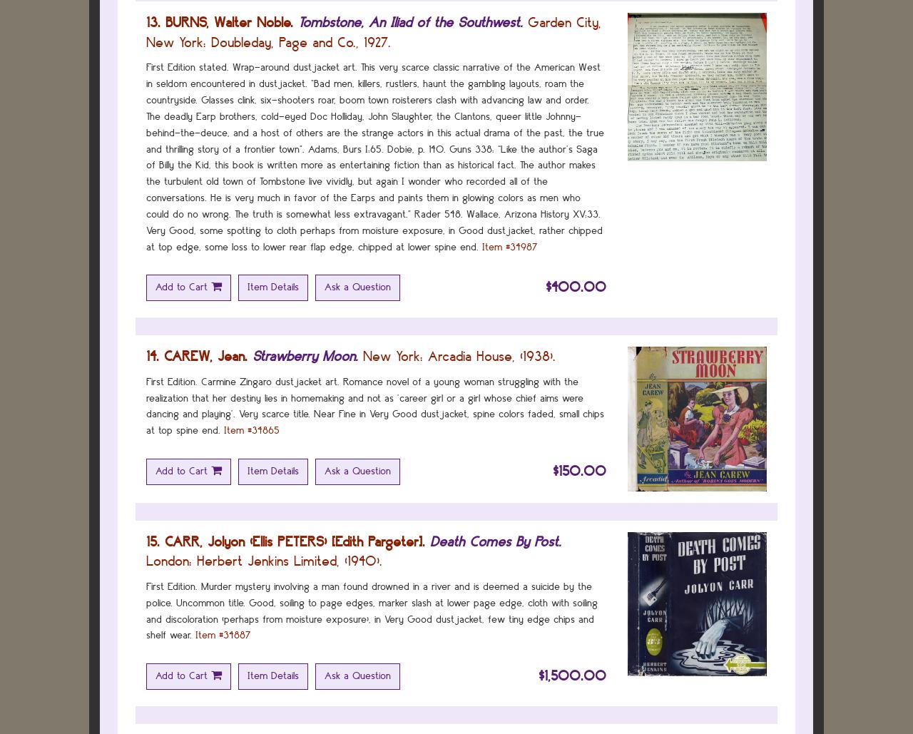  Describe the element at coordinates (268, 561) in the screenshot. I see `'Herbert Jenkins Limited,'` at that location.